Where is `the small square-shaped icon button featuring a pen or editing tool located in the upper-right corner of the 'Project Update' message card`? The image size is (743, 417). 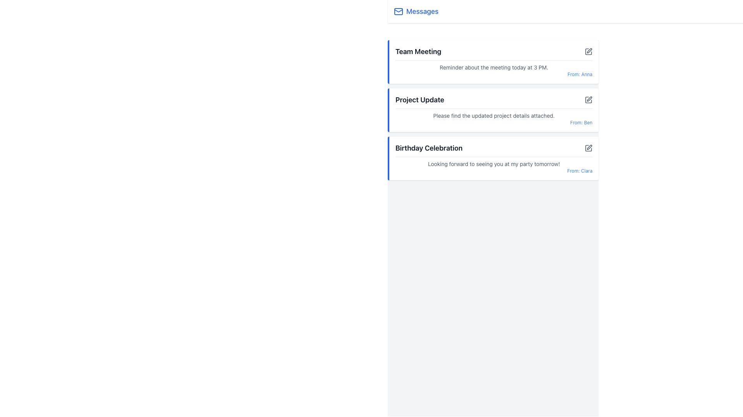
the small square-shaped icon button featuring a pen or editing tool located in the upper-right corner of the 'Project Update' message card is located at coordinates (588, 99).